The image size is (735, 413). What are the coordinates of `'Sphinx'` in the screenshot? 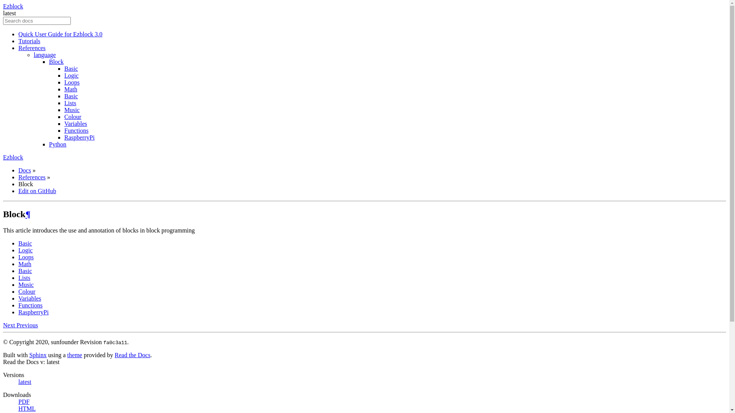 It's located at (37, 355).